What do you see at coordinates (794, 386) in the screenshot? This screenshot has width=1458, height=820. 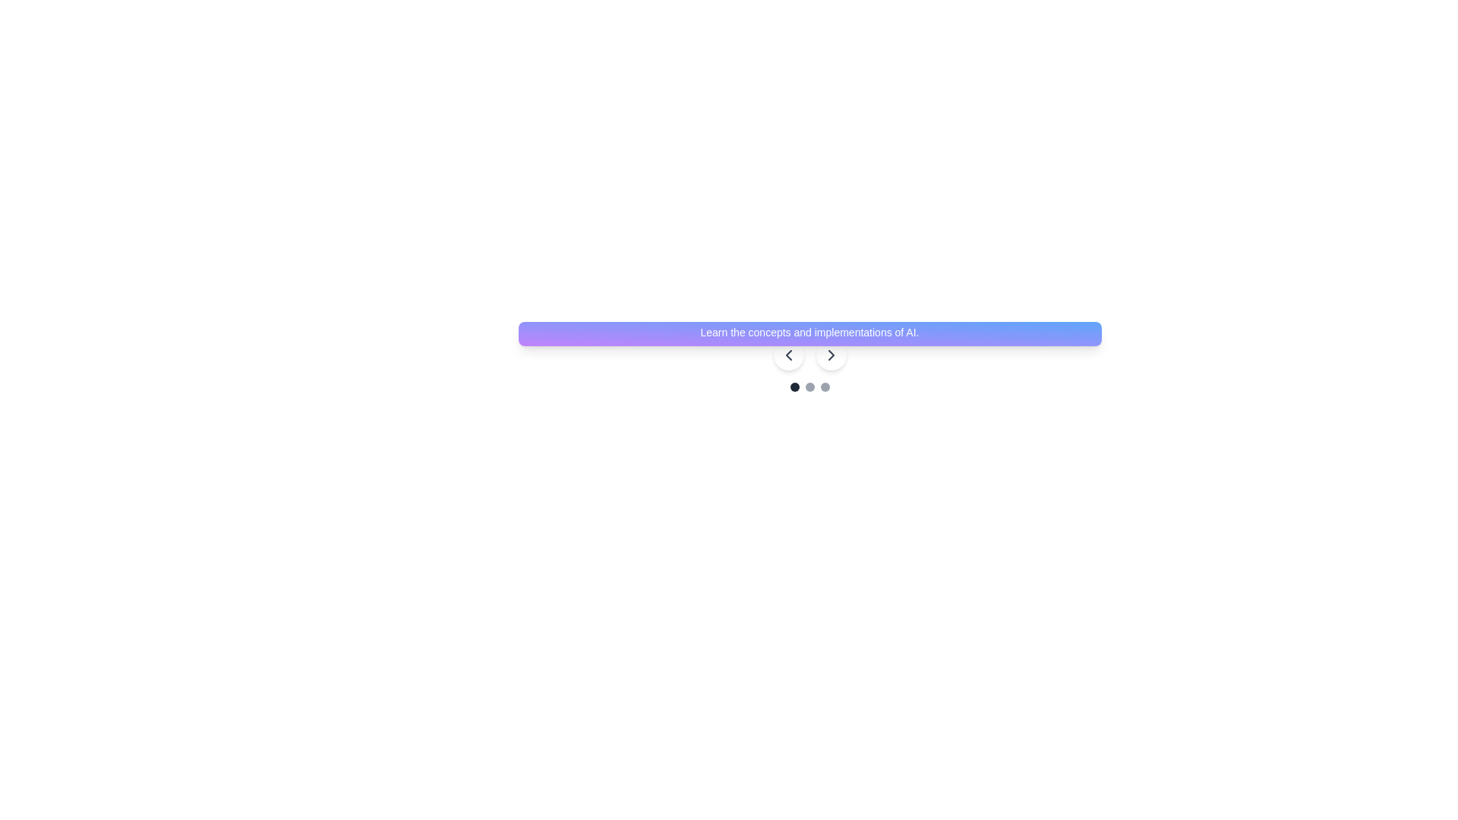 I see `the first circular indicator with a dark gray fill, located below the text banner 'Learn the concepts and implementations of AI.' to trigger a visual effect` at bounding box center [794, 386].